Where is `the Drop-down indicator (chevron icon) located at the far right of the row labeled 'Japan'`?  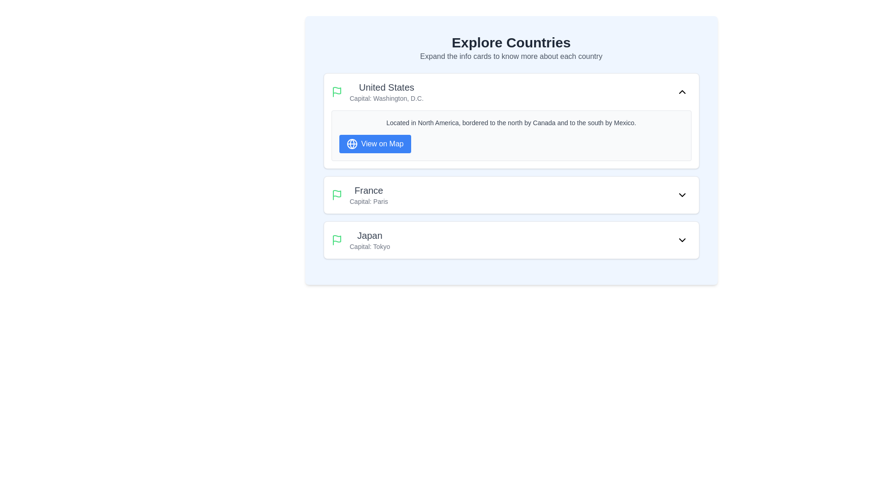 the Drop-down indicator (chevron icon) located at the far right of the row labeled 'Japan' is located at coordinates (682, 239).